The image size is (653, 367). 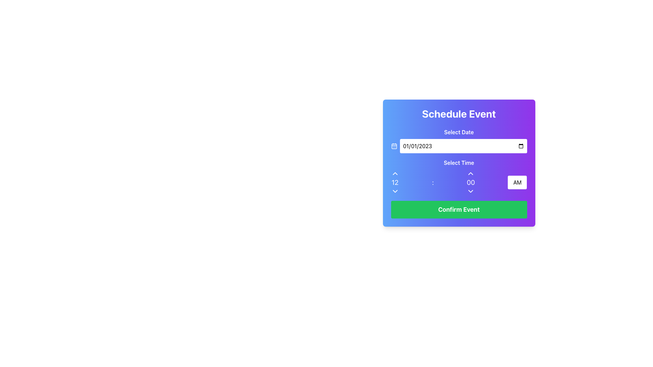 I want to click on the time increment button located on the right side of the time selection component to increment the minute value, so click(x=470, y=173).